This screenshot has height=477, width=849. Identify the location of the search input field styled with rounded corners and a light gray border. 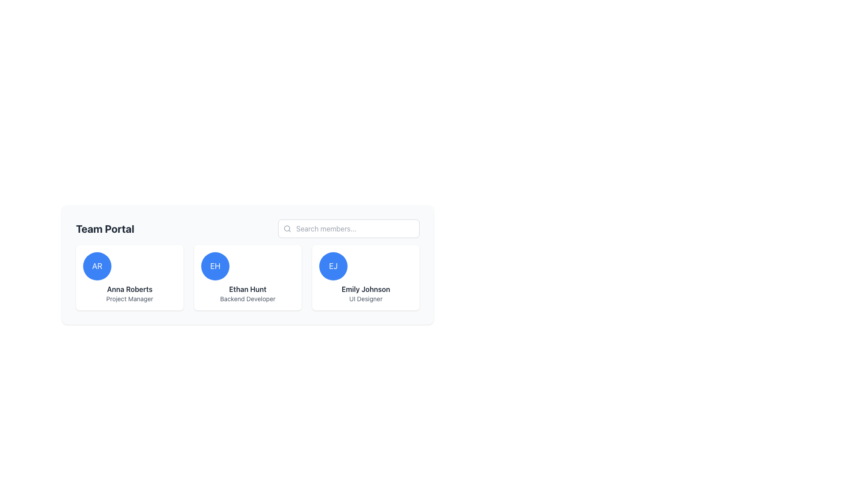
(348, 228).